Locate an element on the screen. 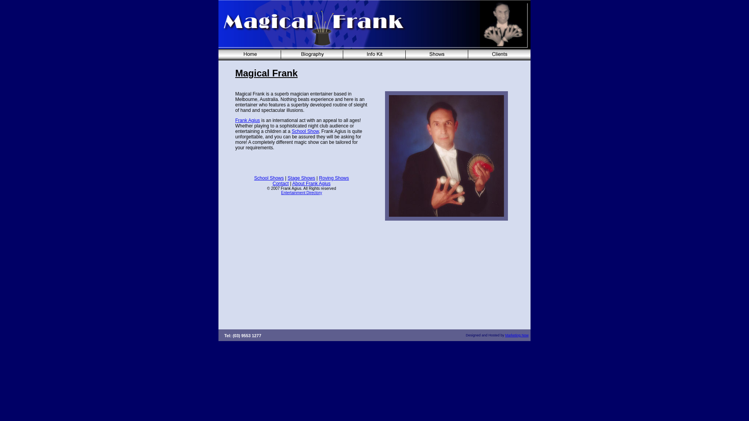 This screenshot has height=421, width=749. 'School Shows' is located at coordinates (269, 178).